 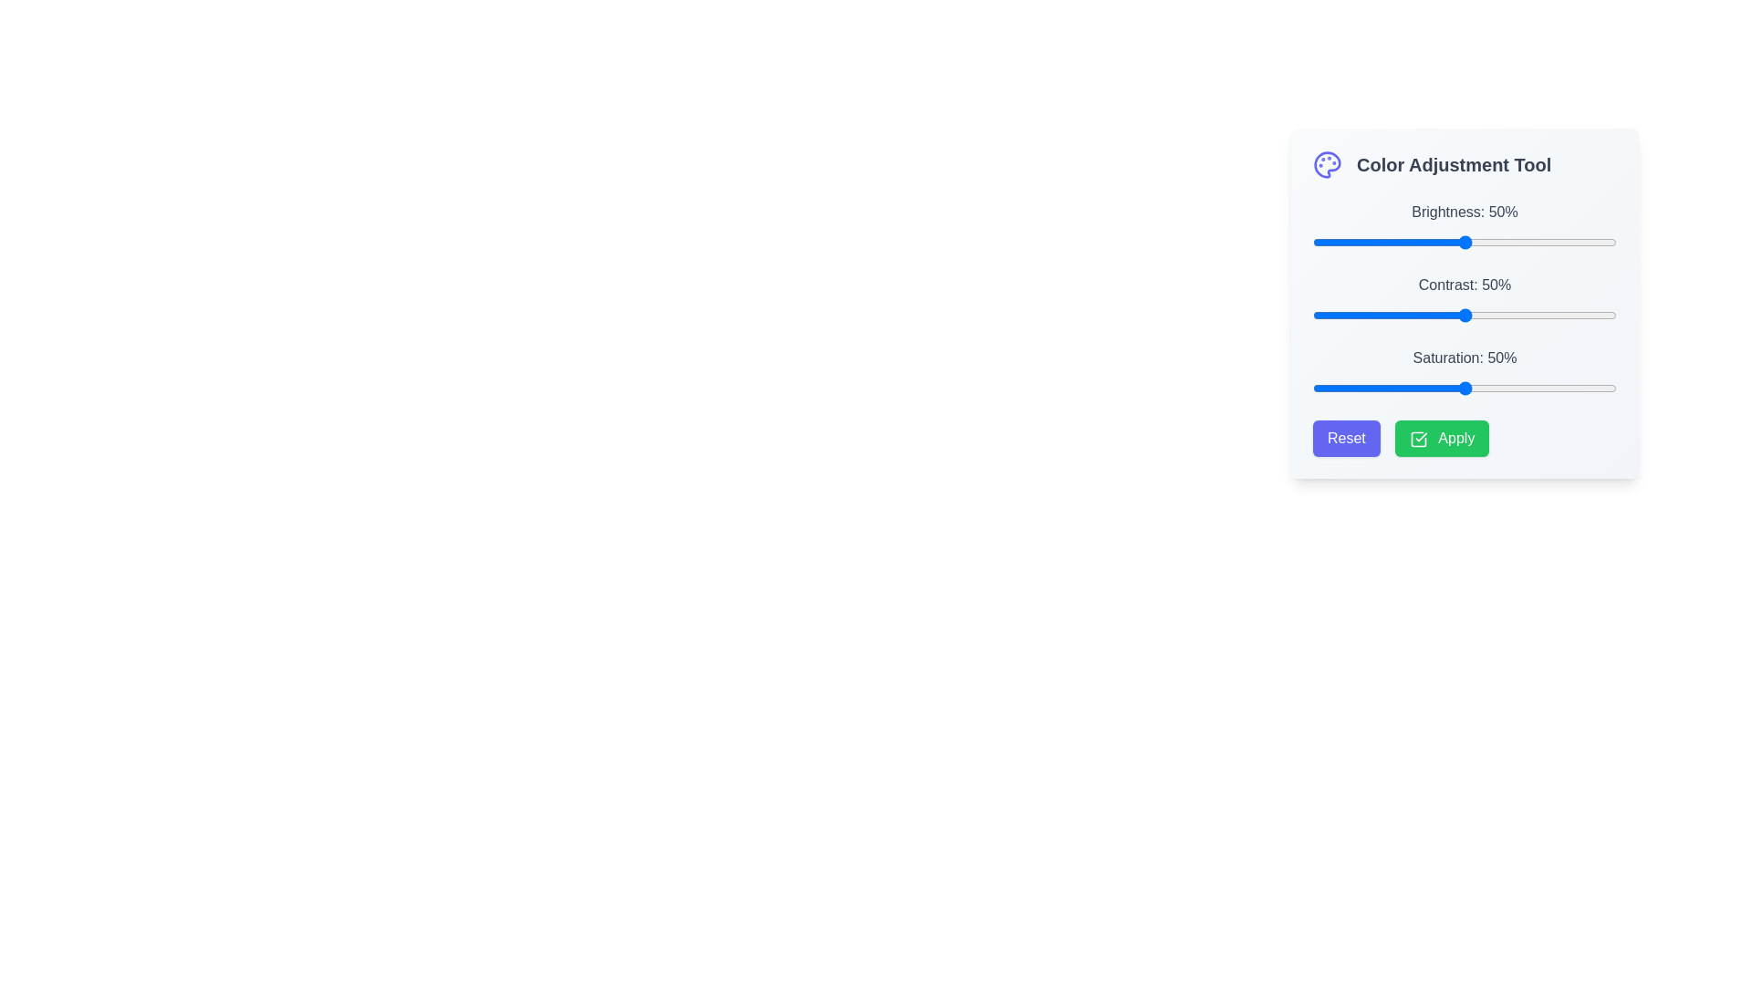 I want to click on displayed label 'Brightness: 50%' of the slider located in the 'Color Adjustment Tool' panel, so click(x=1465, y=226).